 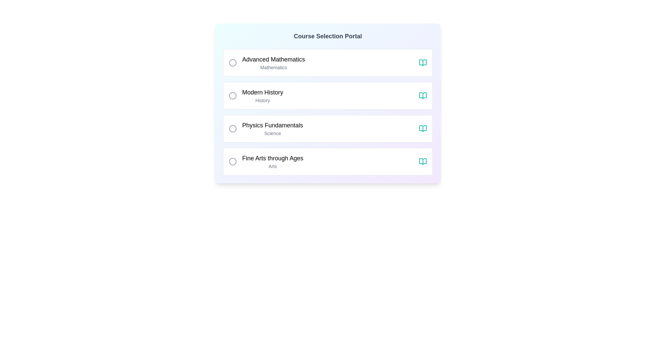 What do you see at coordinates (272, 162) in the screenshot?
I see `on the 'Fine Arts through Ages' text label, which is the fourth selectable item in the 'Course Selection Portal' list` at bounding box center [272, 162].